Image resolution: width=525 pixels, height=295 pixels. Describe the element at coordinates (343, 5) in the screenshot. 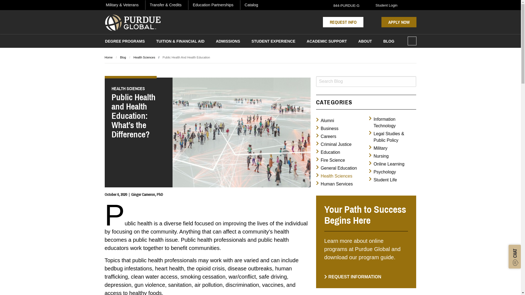

I see `'844-PURDUE-G'` at that location.